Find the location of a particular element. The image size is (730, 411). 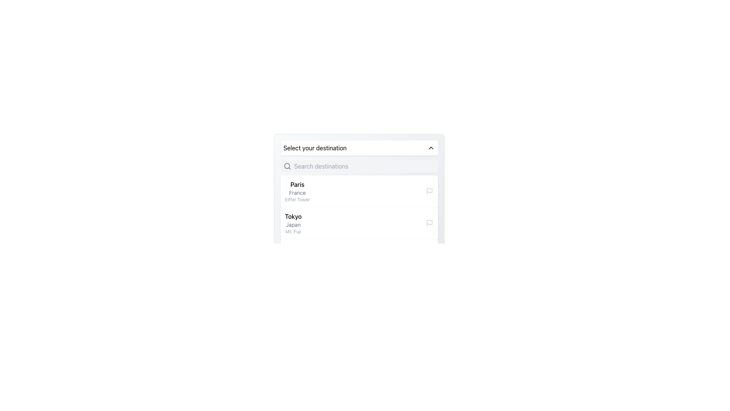

the dropdown list item for 'Tokyo' is located at coordinates (359, 223).